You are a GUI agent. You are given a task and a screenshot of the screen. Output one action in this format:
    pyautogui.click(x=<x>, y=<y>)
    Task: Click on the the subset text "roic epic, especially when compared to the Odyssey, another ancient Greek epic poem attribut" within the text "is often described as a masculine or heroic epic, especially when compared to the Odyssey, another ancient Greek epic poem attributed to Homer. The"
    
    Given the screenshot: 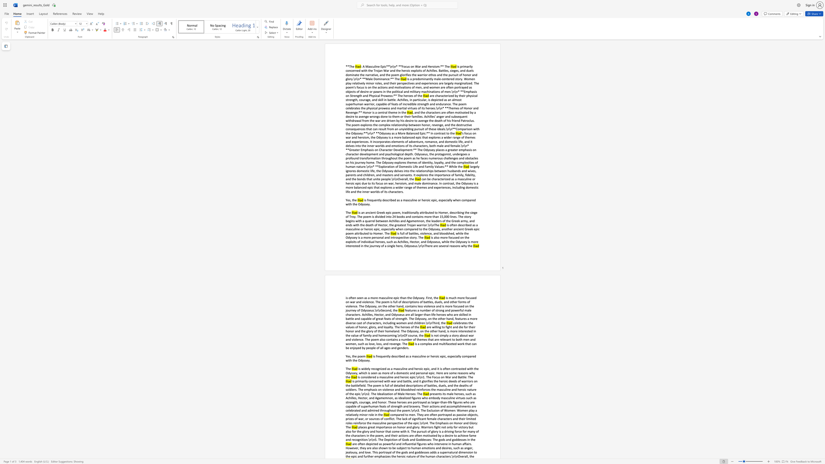 What is the action you would take?
    pyautogui.click(x=368, y=229)
    